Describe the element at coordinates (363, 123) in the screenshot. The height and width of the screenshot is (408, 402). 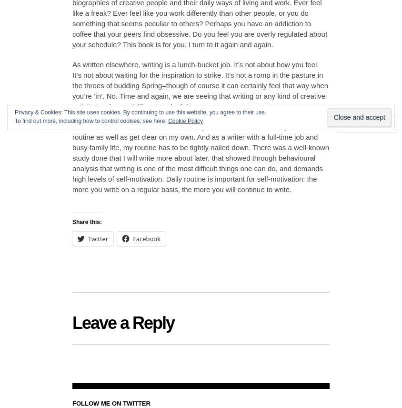
I see `'Follow'` at that location.